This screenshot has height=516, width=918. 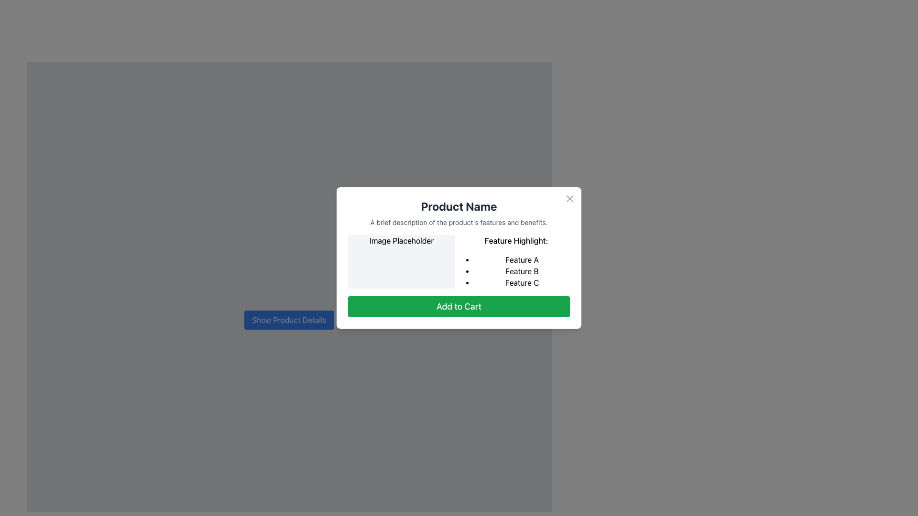 What do you see at coordinates (521, 259) in the screenshot?
I see `text of the first item in the bulleted list, labeled 'Feature A', located under the 'Feature Highlight' section in the modal dialog` at bounding box center [521, 259].